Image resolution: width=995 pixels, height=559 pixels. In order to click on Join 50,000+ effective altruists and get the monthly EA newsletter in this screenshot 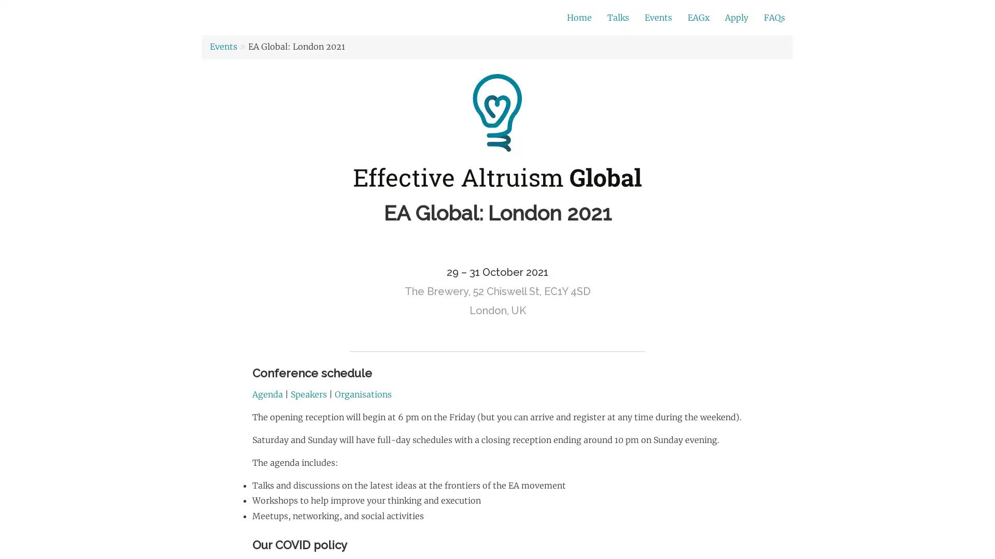, I will do `click(422, 18)`.